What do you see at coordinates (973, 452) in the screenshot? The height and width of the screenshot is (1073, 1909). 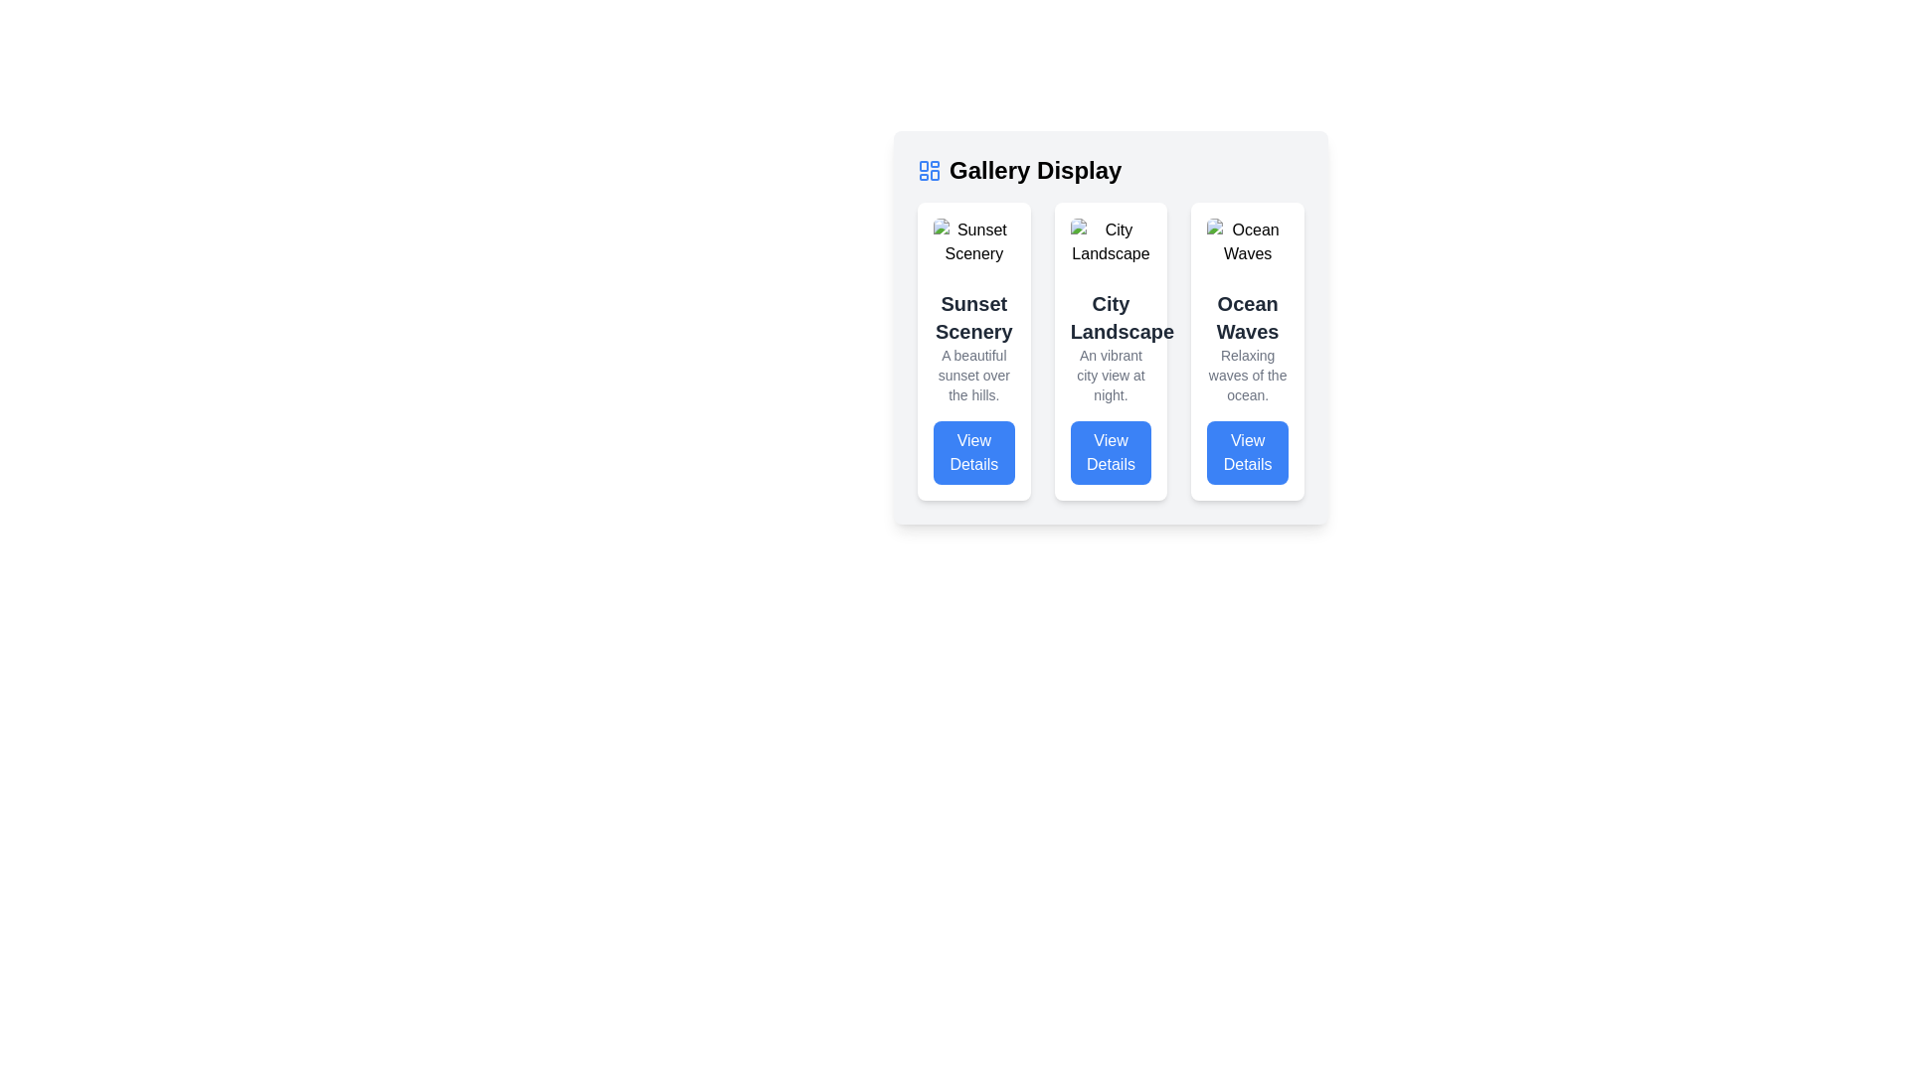 I see `the button at the bottom of the 'Sunset Scenery' card to view more details about this entry` at bounding box center [973, 452].